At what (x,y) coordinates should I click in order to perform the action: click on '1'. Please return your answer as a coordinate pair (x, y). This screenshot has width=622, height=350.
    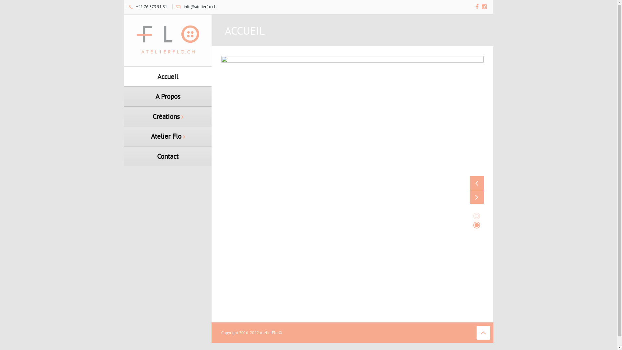
    Looking at the image, I should click on (476, 216).